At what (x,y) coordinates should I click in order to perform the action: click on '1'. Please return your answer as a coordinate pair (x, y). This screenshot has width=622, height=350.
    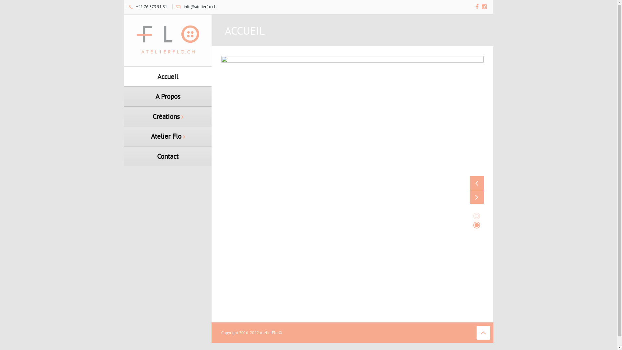
    Looking at the image, I should click on (476, 216).